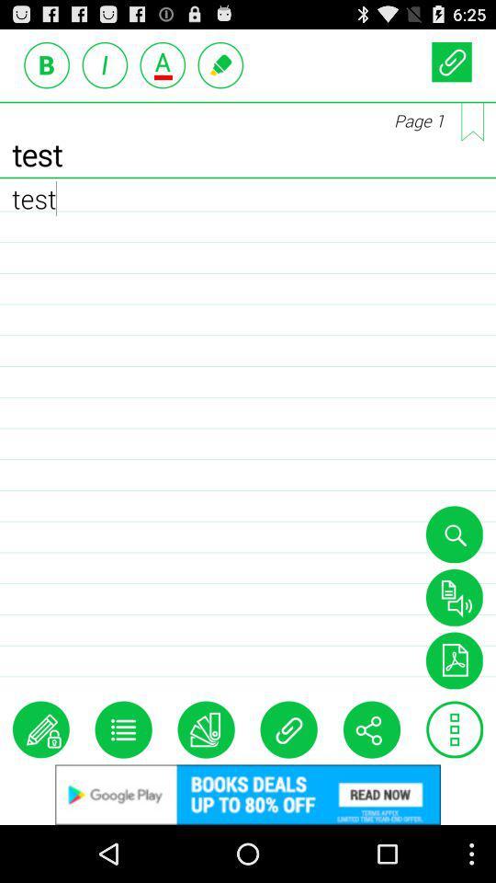  I want to click on link adobe media, so click(453, 660).